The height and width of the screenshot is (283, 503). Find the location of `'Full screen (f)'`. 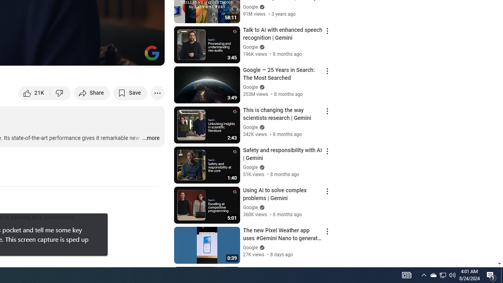

'Full screen (f)' is located at coordinates (150, 55).